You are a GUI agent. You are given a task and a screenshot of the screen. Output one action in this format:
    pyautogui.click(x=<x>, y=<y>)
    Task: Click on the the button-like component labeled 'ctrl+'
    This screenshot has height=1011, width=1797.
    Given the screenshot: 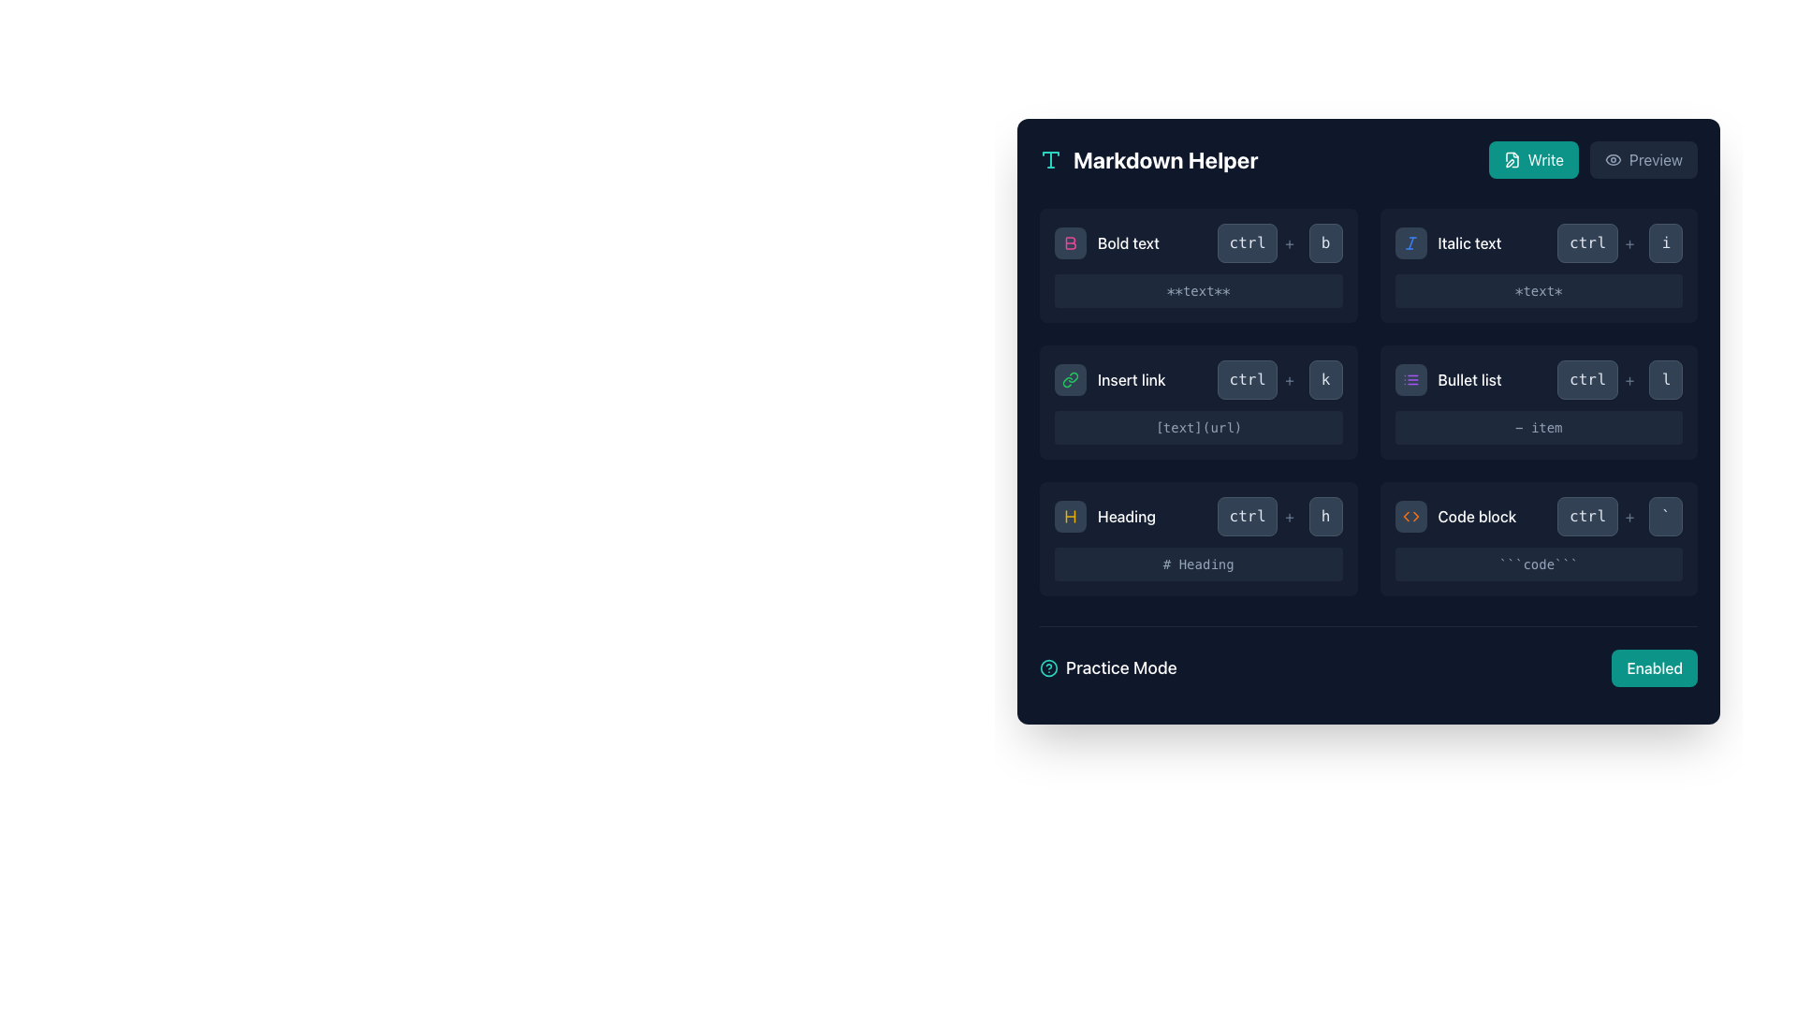 What is the action you would take?
    pyautogui.click(x=1259, y=379)
    